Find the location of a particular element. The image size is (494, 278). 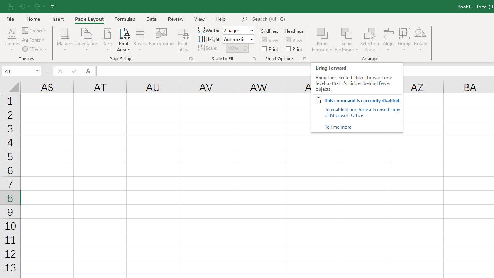

'Send Backward' is located at coordinates (346, 32).